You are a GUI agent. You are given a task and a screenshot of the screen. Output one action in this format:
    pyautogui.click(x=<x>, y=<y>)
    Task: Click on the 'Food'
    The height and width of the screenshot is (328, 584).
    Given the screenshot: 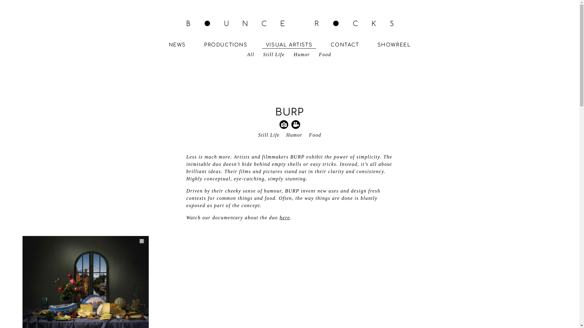 What is the action you would take?
    pyautogui.click(x=315, y=135)
    